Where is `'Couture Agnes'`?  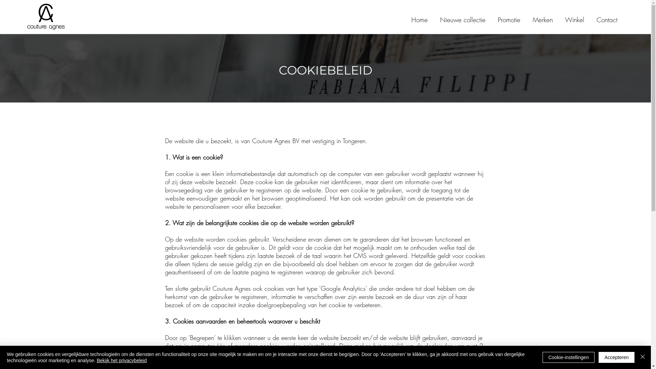 'Couture Agnes' is located at coordinates (27, 16).